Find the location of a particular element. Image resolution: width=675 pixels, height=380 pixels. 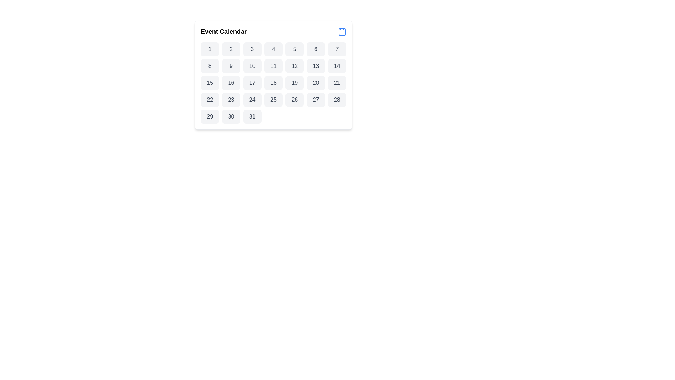

the button displaying the number '16' in the calendar, located in the third row, second column of the grid is located at coordinates (231, 82).